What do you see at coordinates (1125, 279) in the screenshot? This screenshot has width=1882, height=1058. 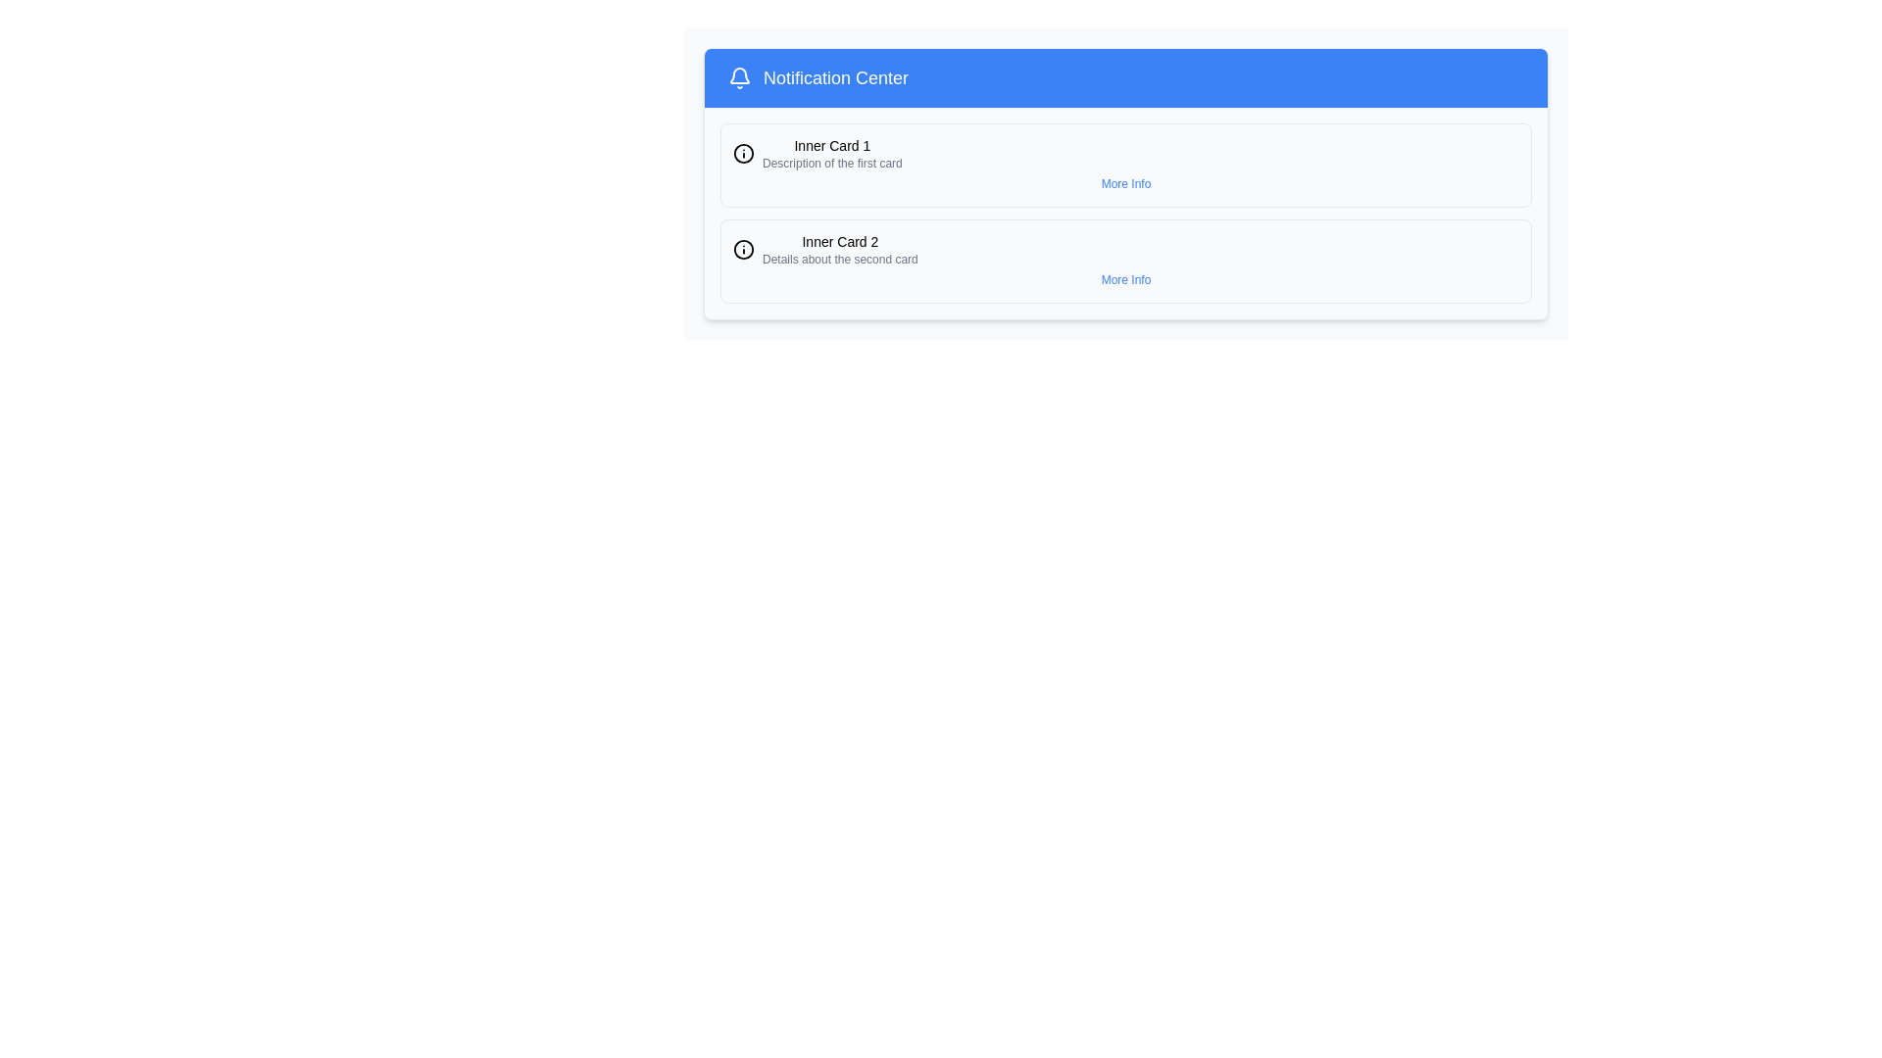 I see `the 'More Info' hyperlink, which is styled with a blue font color and located in the lower card of the interface, specifically in 'Inner Card 2'` at bounding box center [1125, 279].